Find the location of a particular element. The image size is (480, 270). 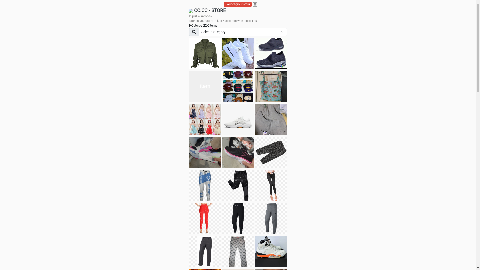

'Pant' is located at coordinates (271, 186).